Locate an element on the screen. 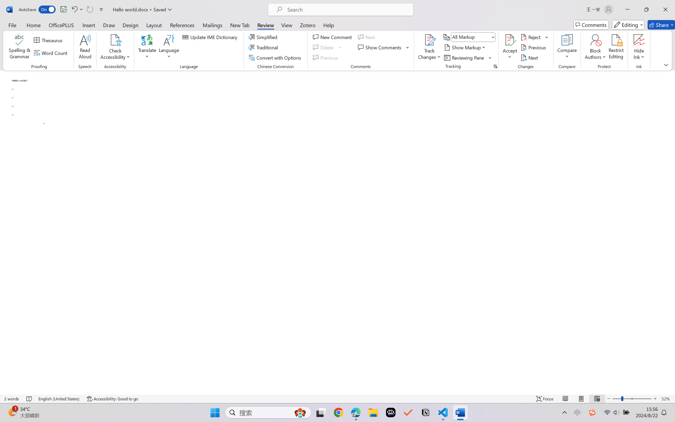 The height and width of the screenshot is (422, 675). 'Spelling & Grammar' is located at coordinates (19, 47).